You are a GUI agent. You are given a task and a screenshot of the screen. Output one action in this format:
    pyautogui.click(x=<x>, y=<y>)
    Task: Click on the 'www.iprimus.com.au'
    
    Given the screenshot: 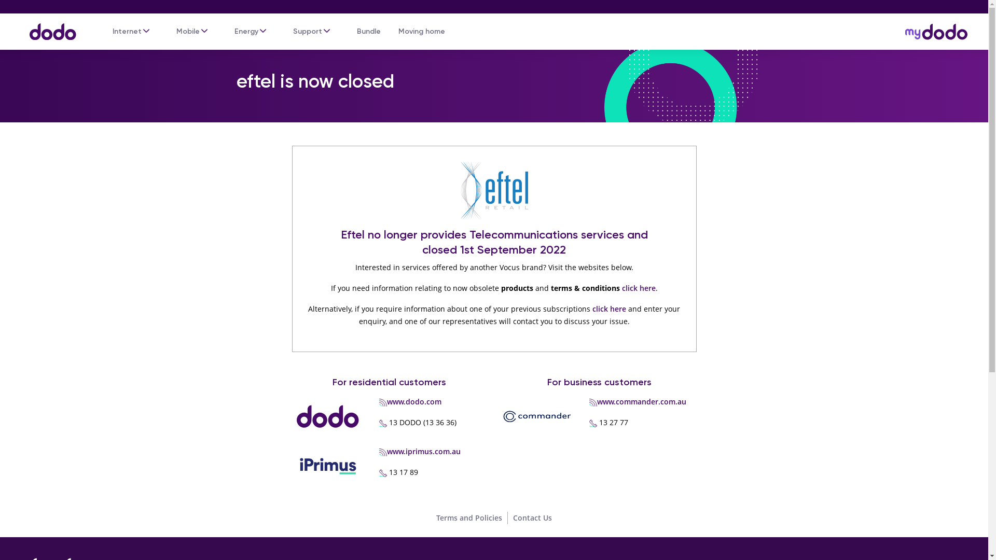 What is the action you would take?
    pyautogui.click(x=423, y=451)
    